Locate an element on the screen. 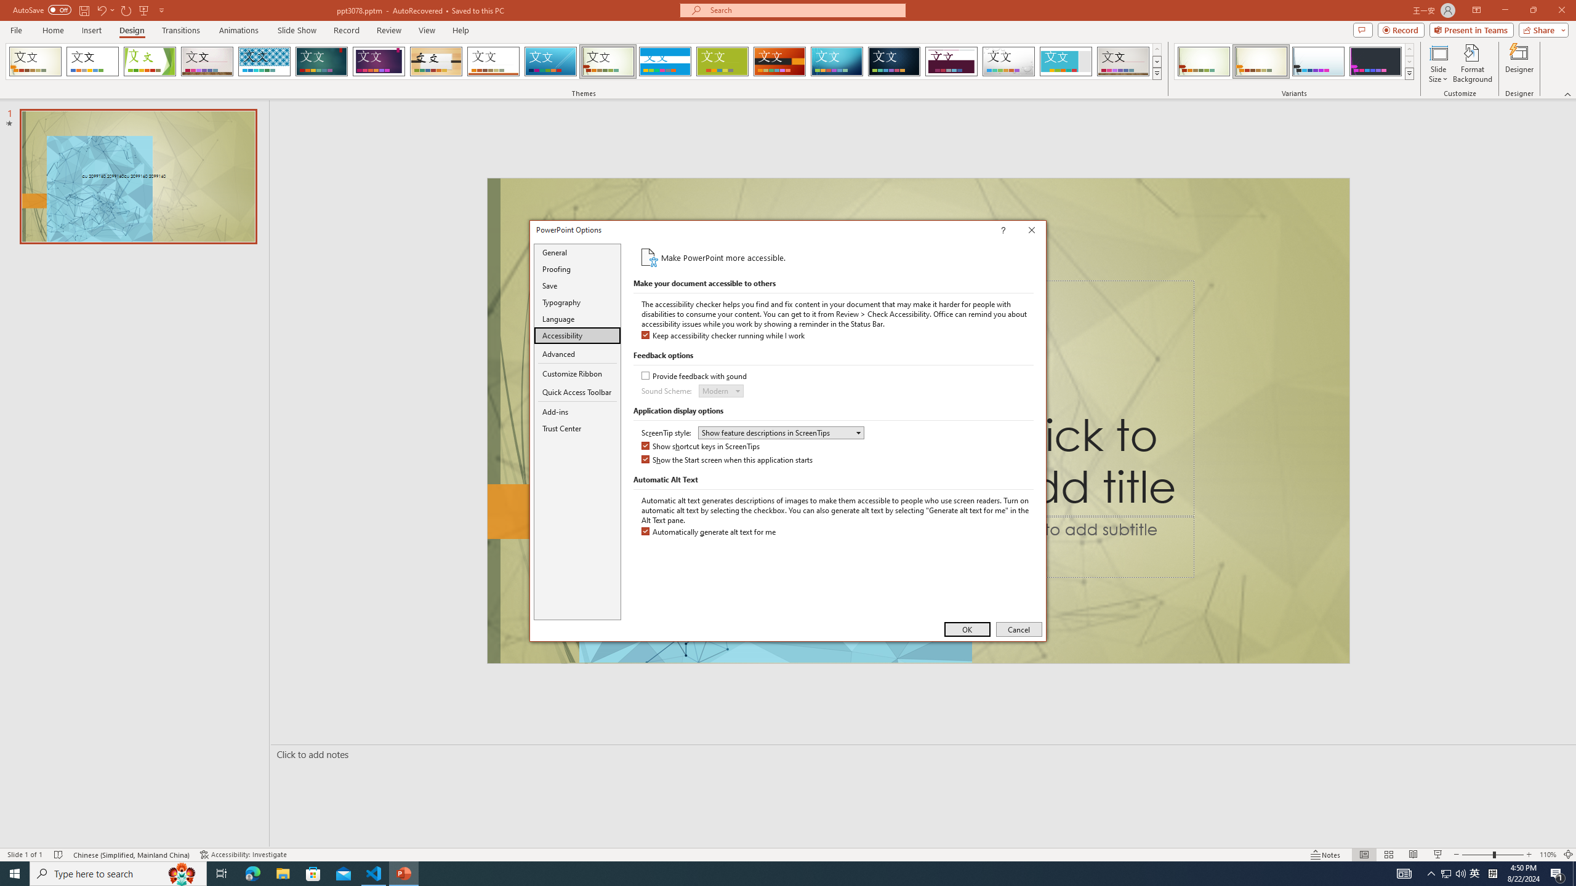 The width and height of the screenshot is (1576, 886). 'ScreenTip style' is located at coordinates (780, 432).